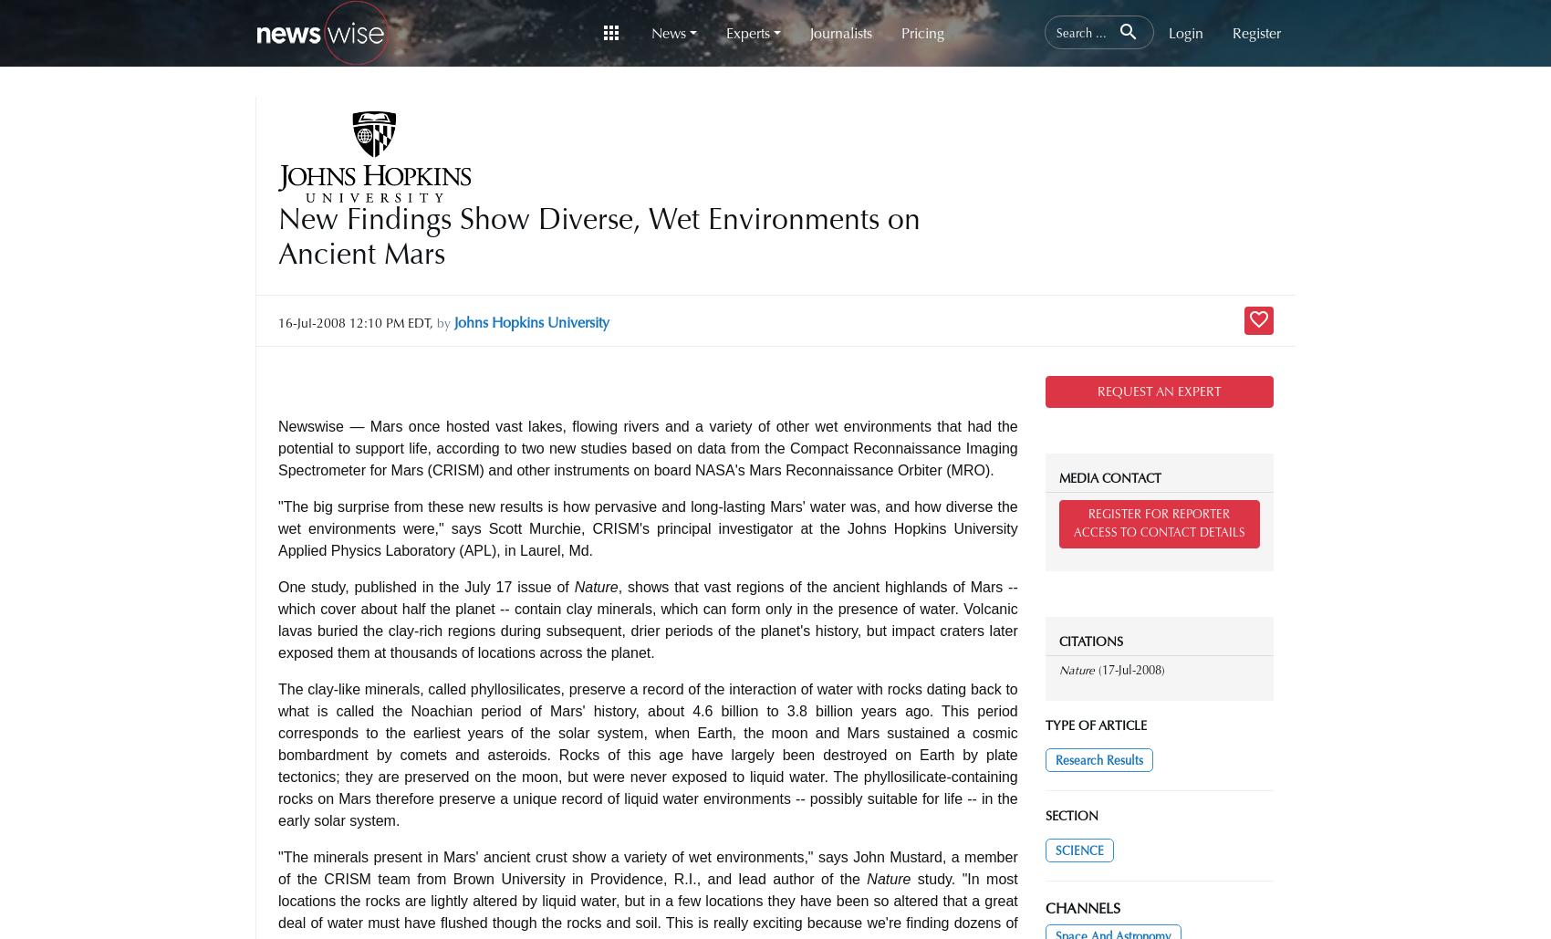 The height and width of the screenshot is (939, 1551). What do you see at coordinates (1094, 725) in the screenshot?
I see `'TYPE OF ARTICLE'` at bounding box center [1094, 725].